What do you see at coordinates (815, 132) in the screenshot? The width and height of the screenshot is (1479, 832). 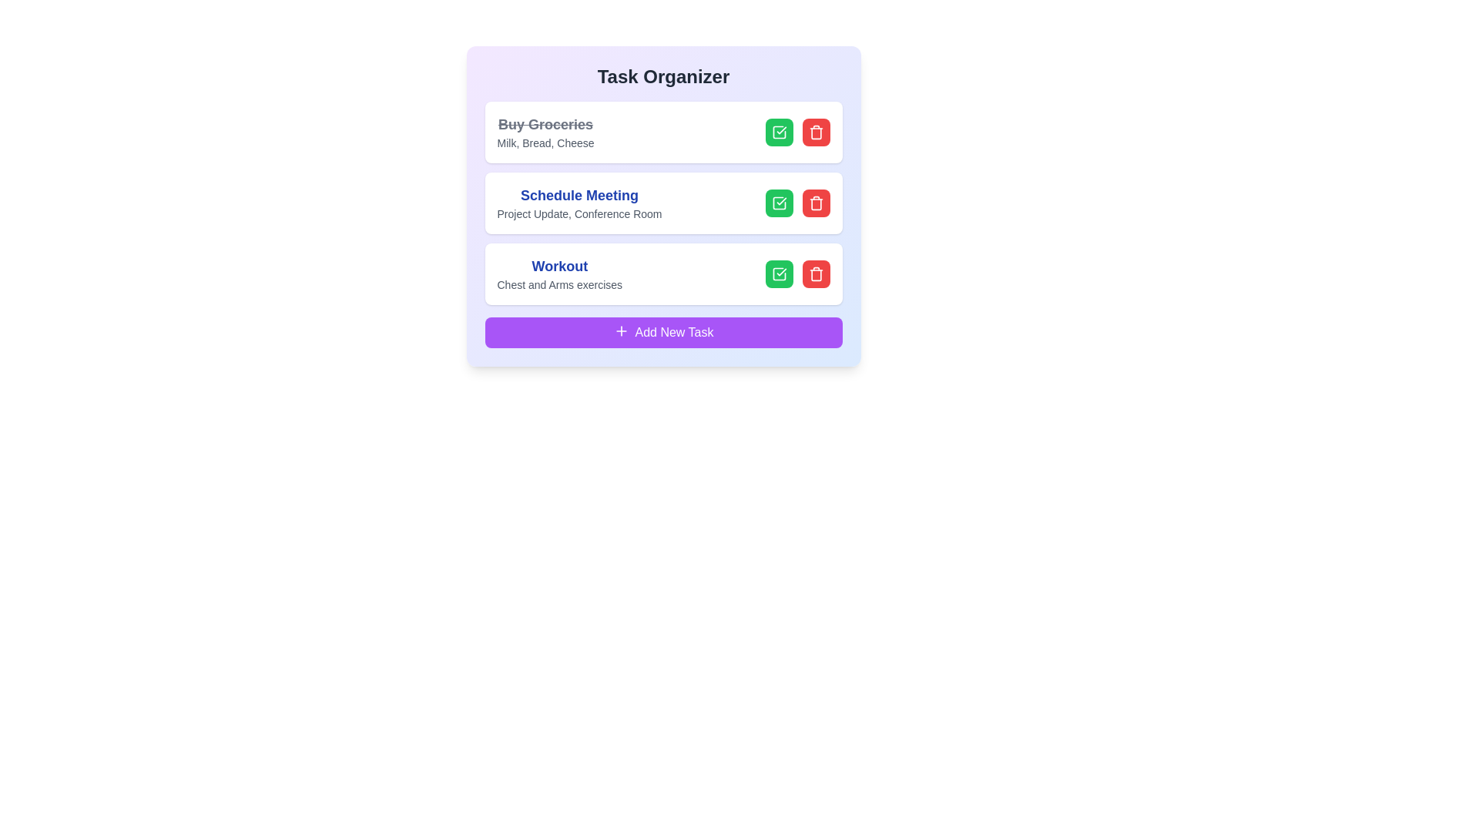 I see `the delete button for the task named Buy Groceries` at bounding box center [815, 132].